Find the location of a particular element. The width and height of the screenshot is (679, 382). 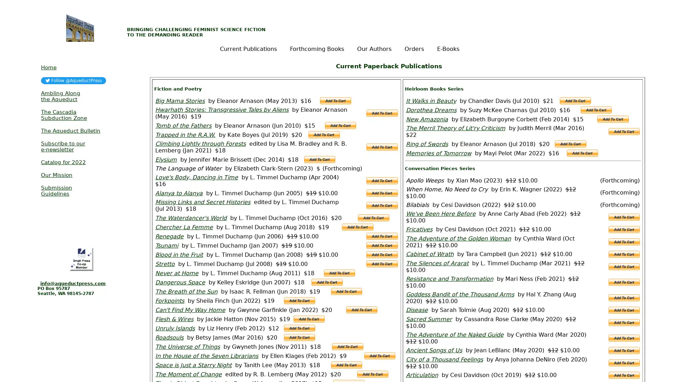

Make payments with PayPal - it\'s fast, free and secure! is located at coordinates (624, 282).